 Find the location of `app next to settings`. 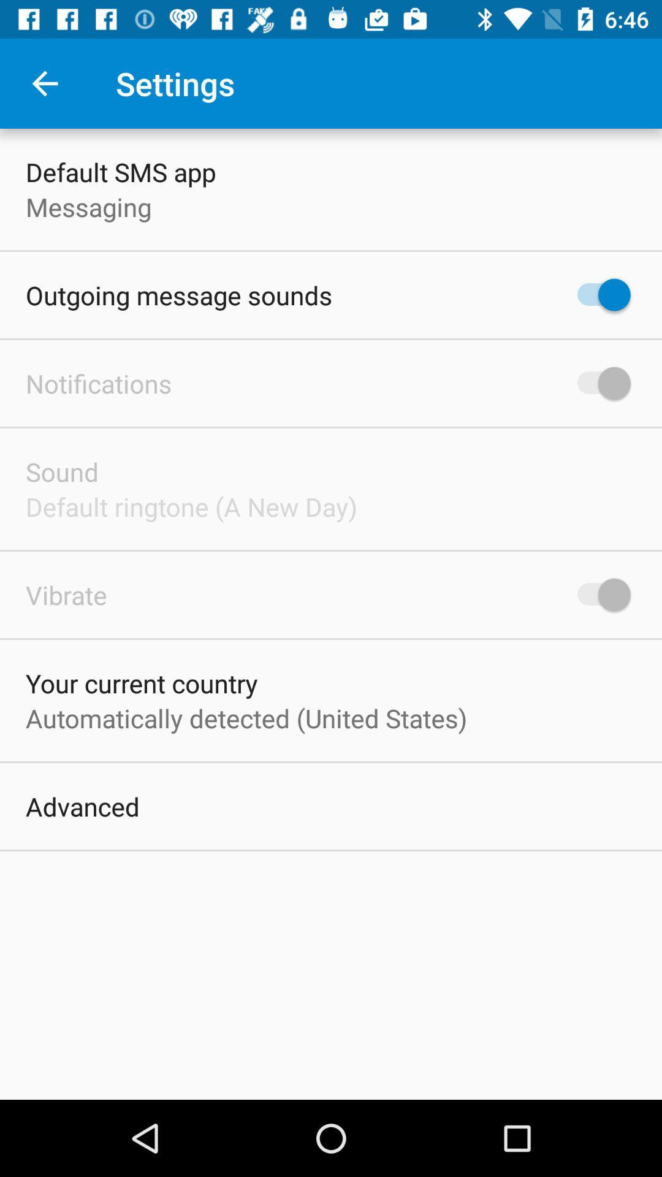

app next to settings is located at coordinates (44, 83).